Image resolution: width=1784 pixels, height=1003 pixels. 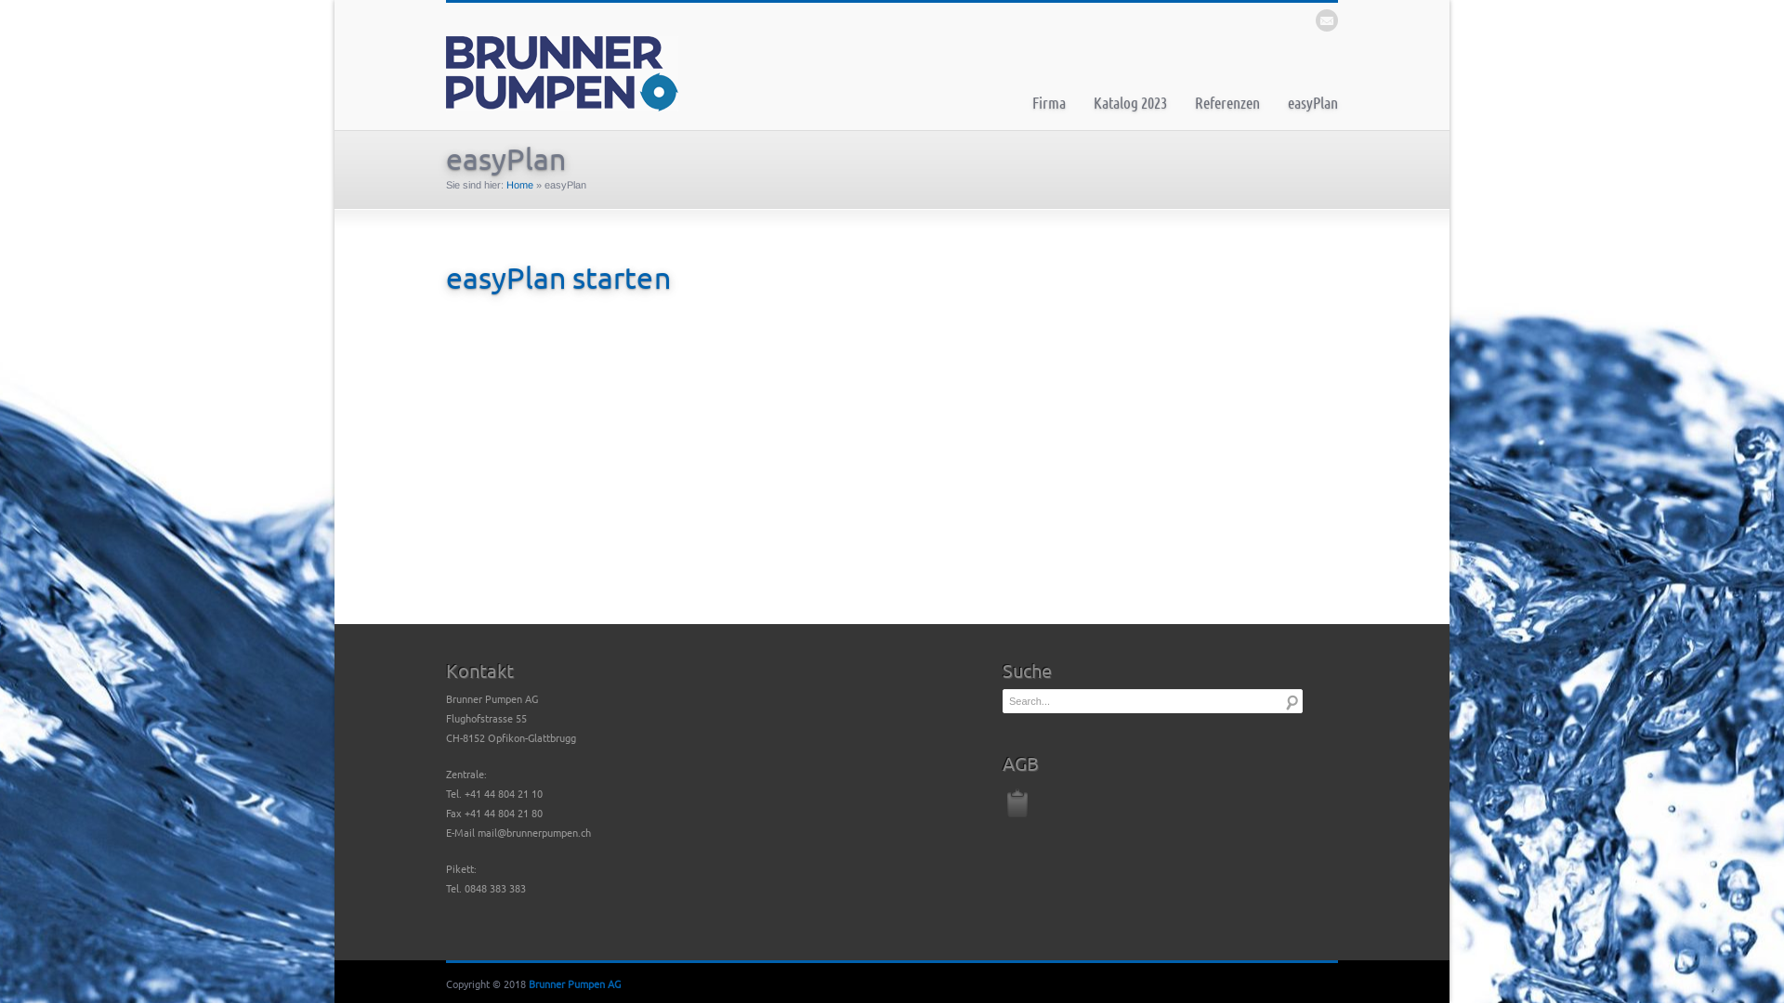 What do you see at coordinates (519, 185) in the screenshot?
I see `'Home'` at bounding box center [519, 185].